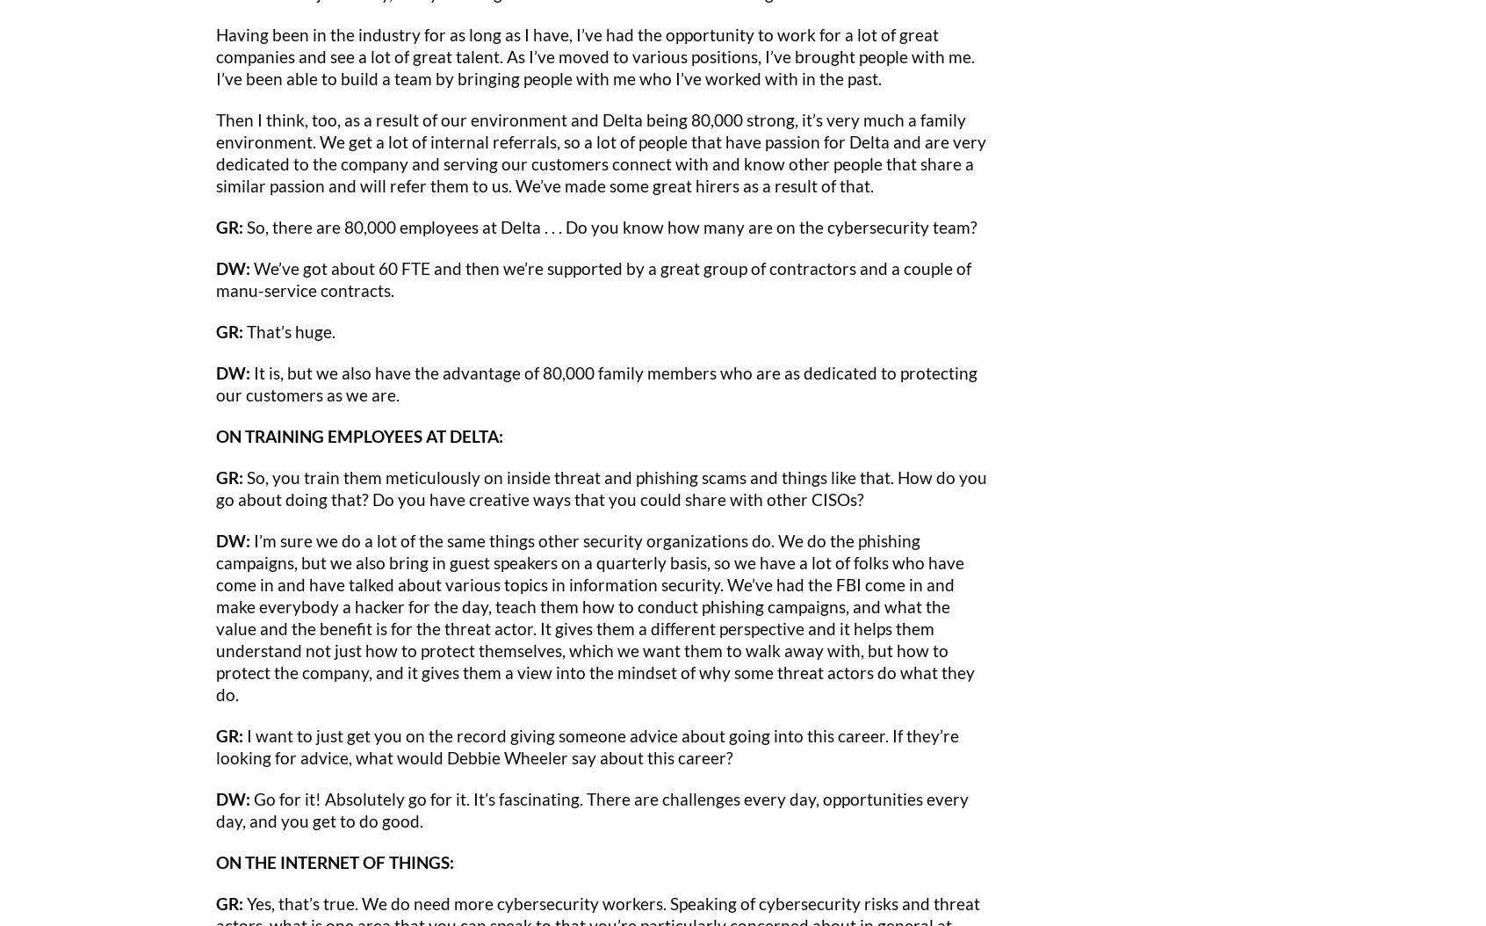  Describe the element at coordinates (593, 279) in the screenshot. I see `'We’ve got about 60 FTE and then we’re supported by a great group of contractors and a couple of manu-service contracts.'` at that location.